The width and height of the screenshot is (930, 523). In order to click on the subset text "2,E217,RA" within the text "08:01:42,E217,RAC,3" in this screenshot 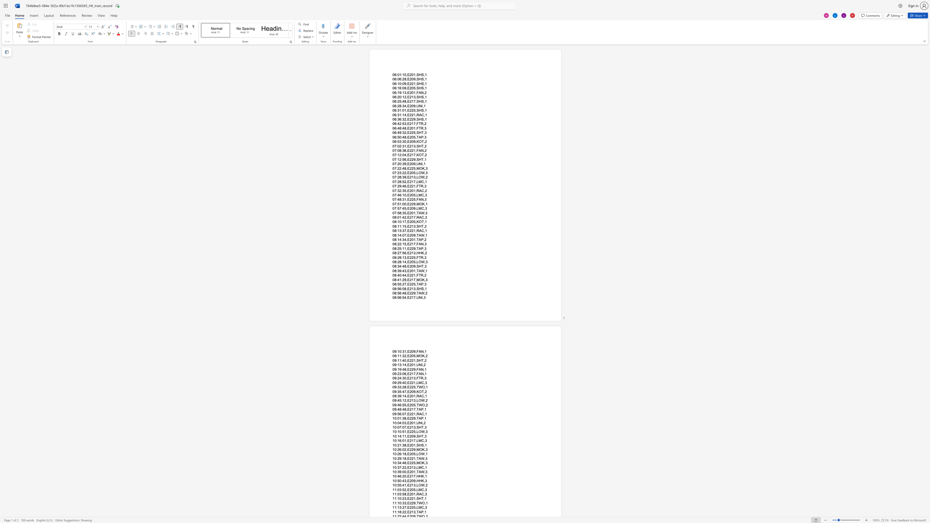, I will do `click(404, 217)`.